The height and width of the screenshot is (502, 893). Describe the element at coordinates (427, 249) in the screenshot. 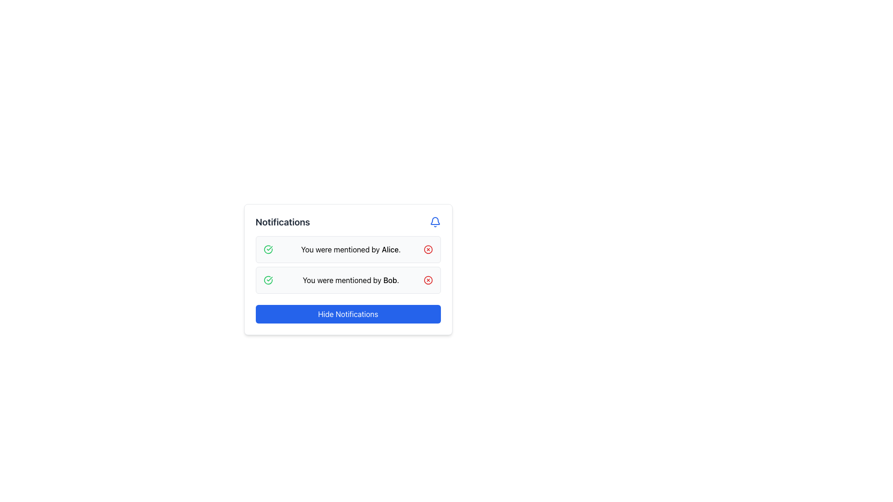

I see `the dismiss button on the notification mentioning 'You were mentioned by Alice.'` at that location.